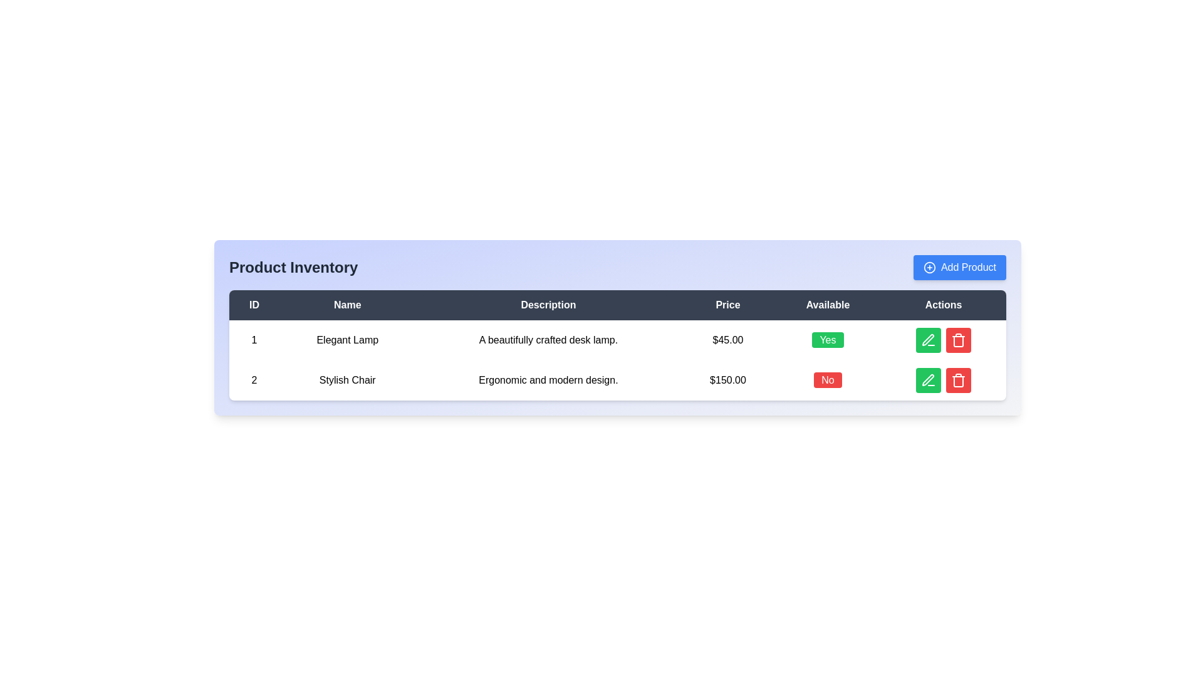  I want to click on the table header cell displaying 'Actions' in bold font, positioned at the far-right of the table with a dark background and white text, so click(944, 305).